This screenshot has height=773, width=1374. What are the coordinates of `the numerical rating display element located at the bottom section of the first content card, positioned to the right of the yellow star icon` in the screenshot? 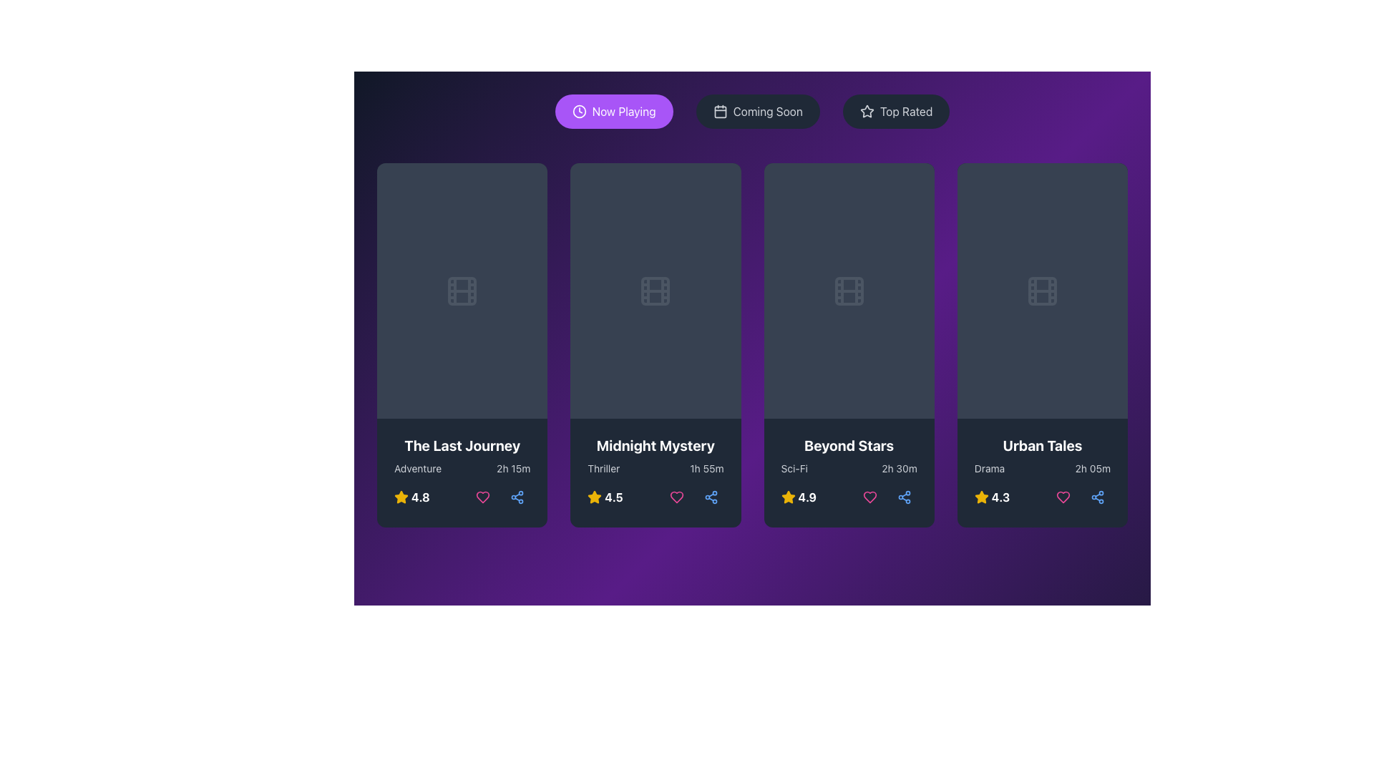 It's located at (419, 497).